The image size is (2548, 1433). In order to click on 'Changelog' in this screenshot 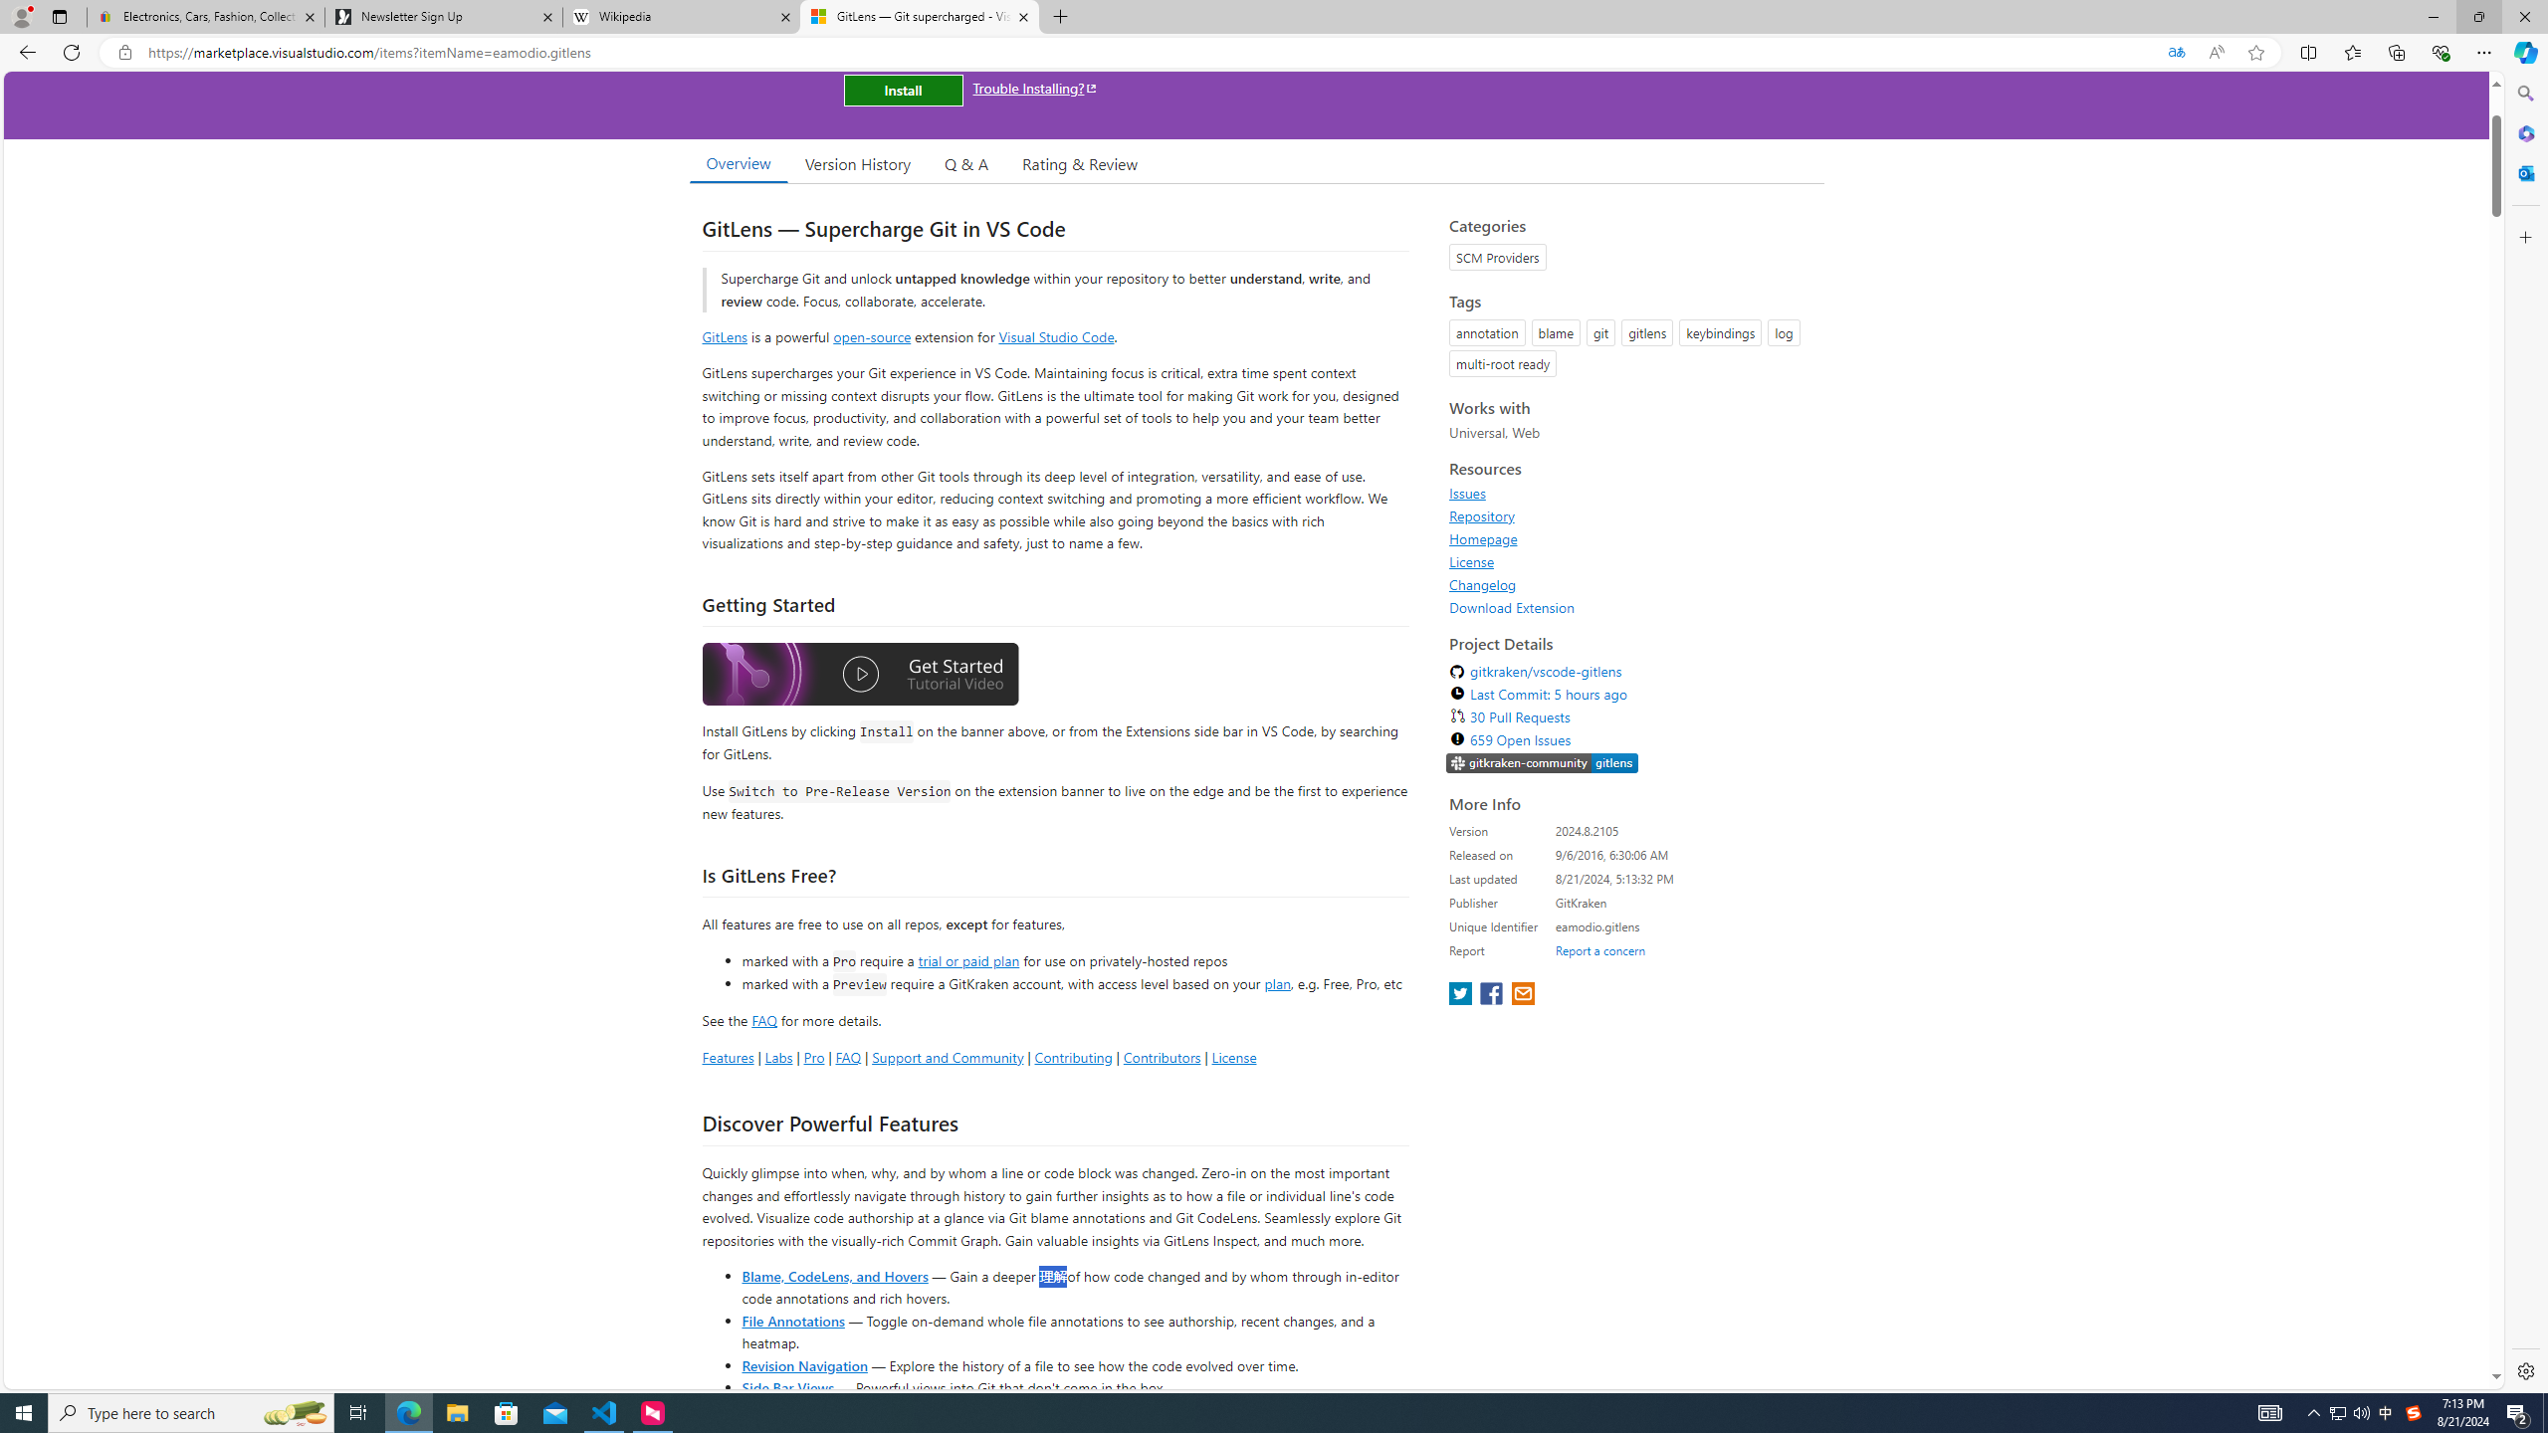, I will do `click(1630, 583)`.